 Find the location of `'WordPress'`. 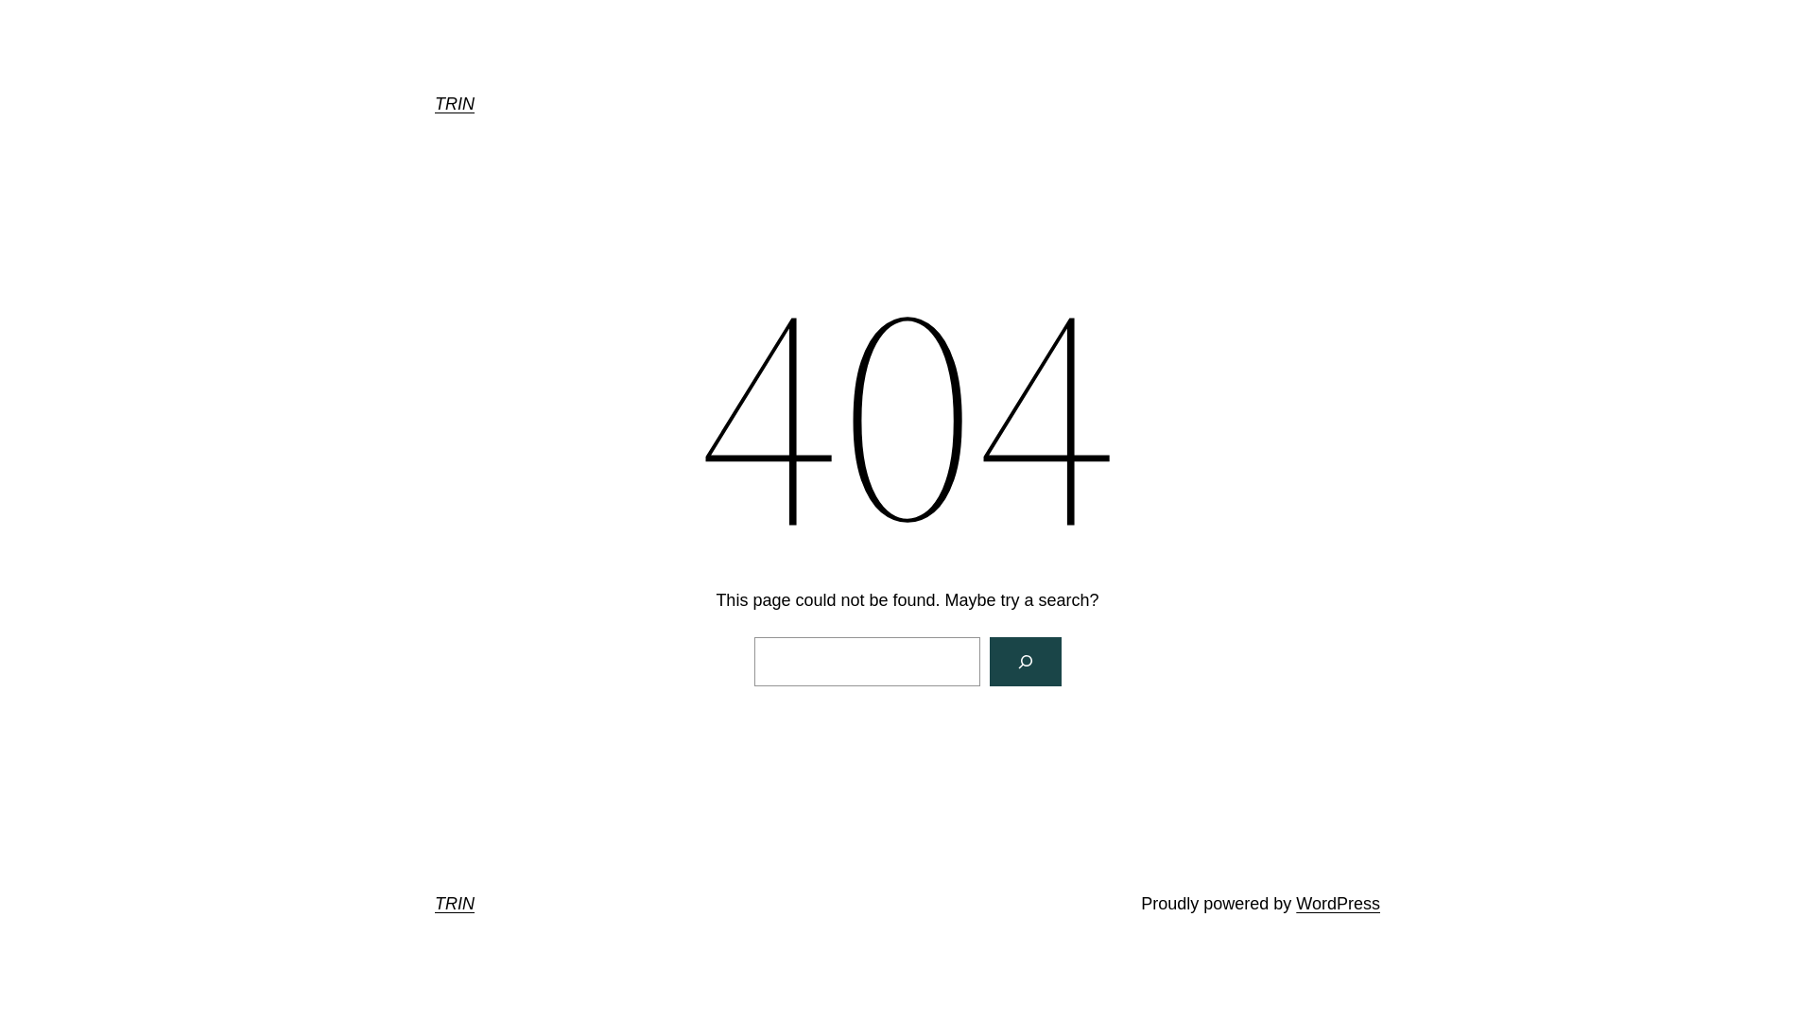

'WordPress' is located at coordinates (1337, 903).